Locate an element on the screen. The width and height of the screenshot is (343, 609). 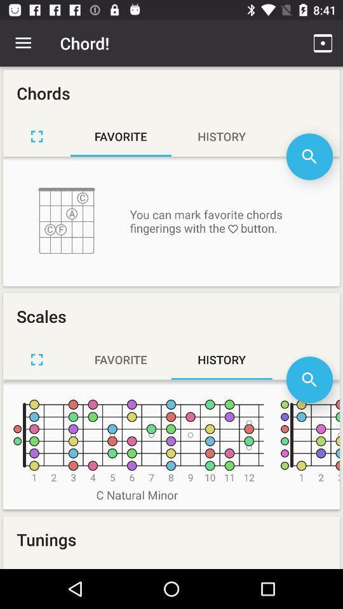
search icon is located at coordinates (309, 379).